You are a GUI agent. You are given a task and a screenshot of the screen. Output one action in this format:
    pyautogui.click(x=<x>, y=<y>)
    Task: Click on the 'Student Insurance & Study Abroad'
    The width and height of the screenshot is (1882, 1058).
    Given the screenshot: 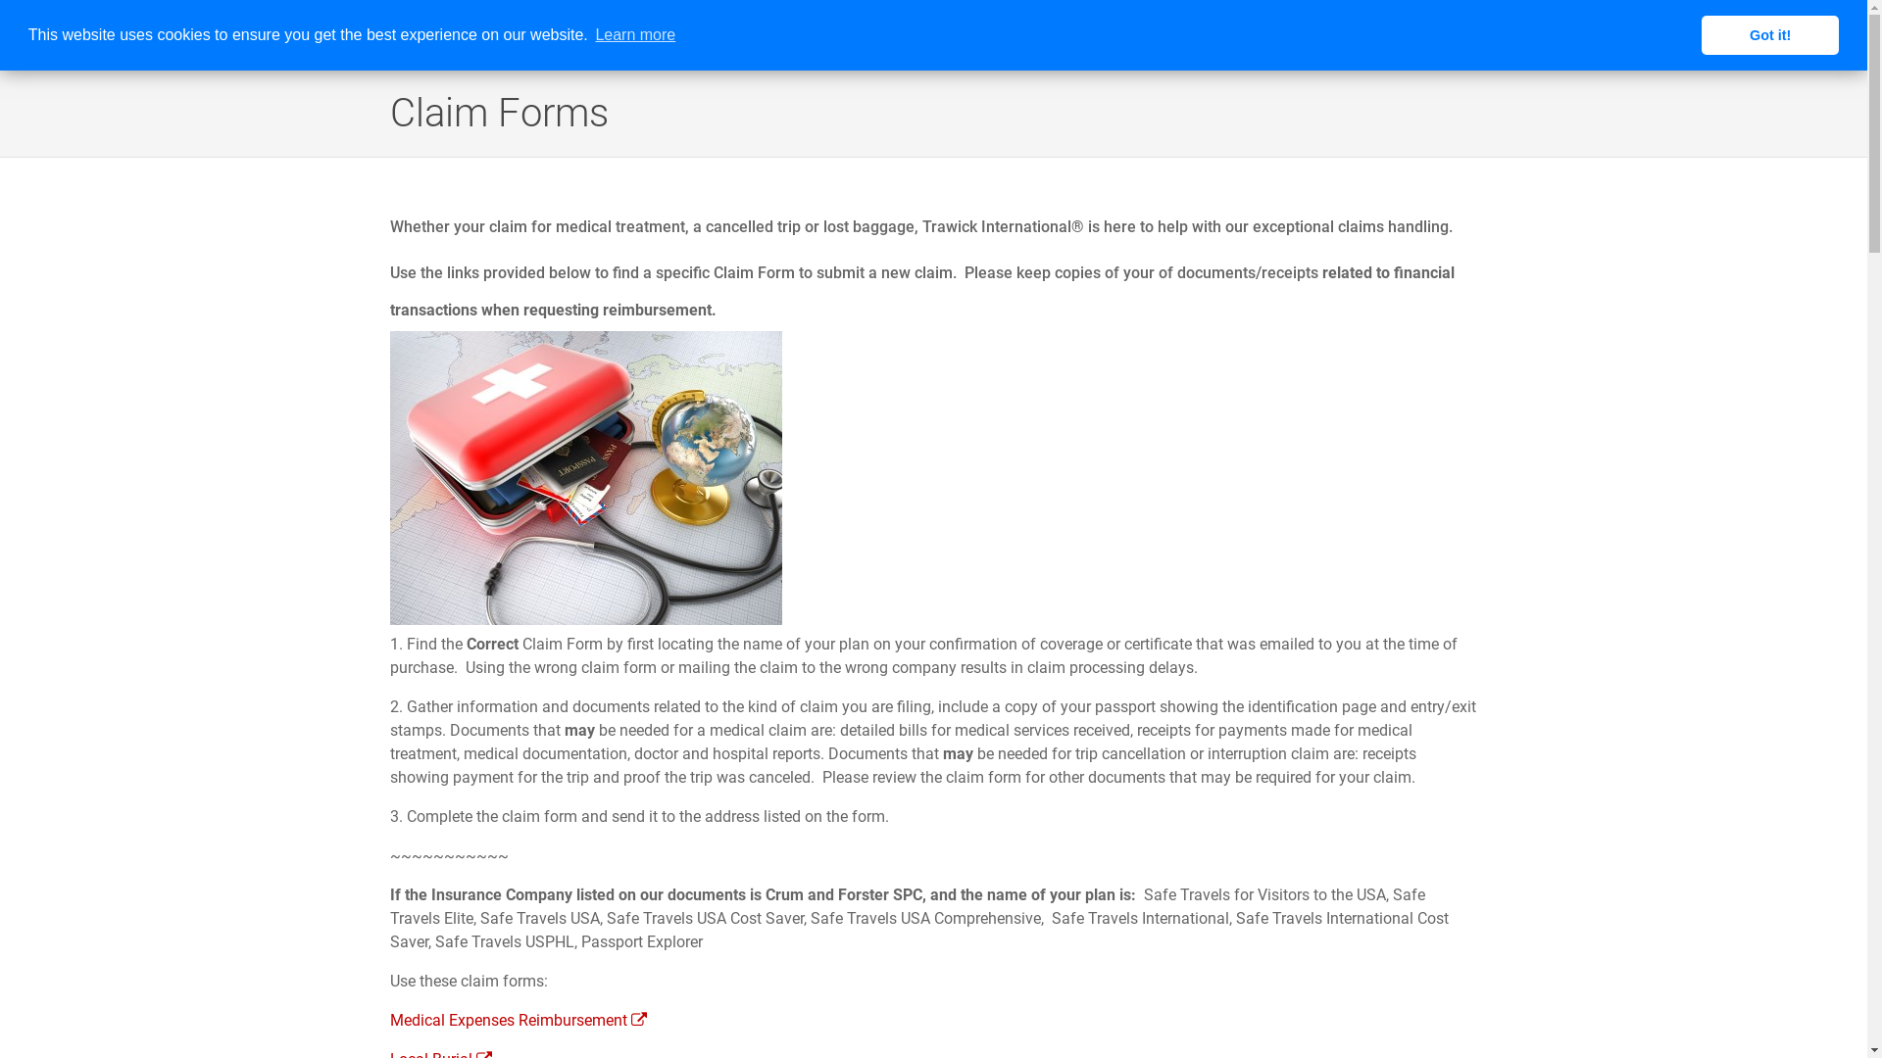 What is the action you would take?
    pyautogui.click(x=1282, y=34)
    